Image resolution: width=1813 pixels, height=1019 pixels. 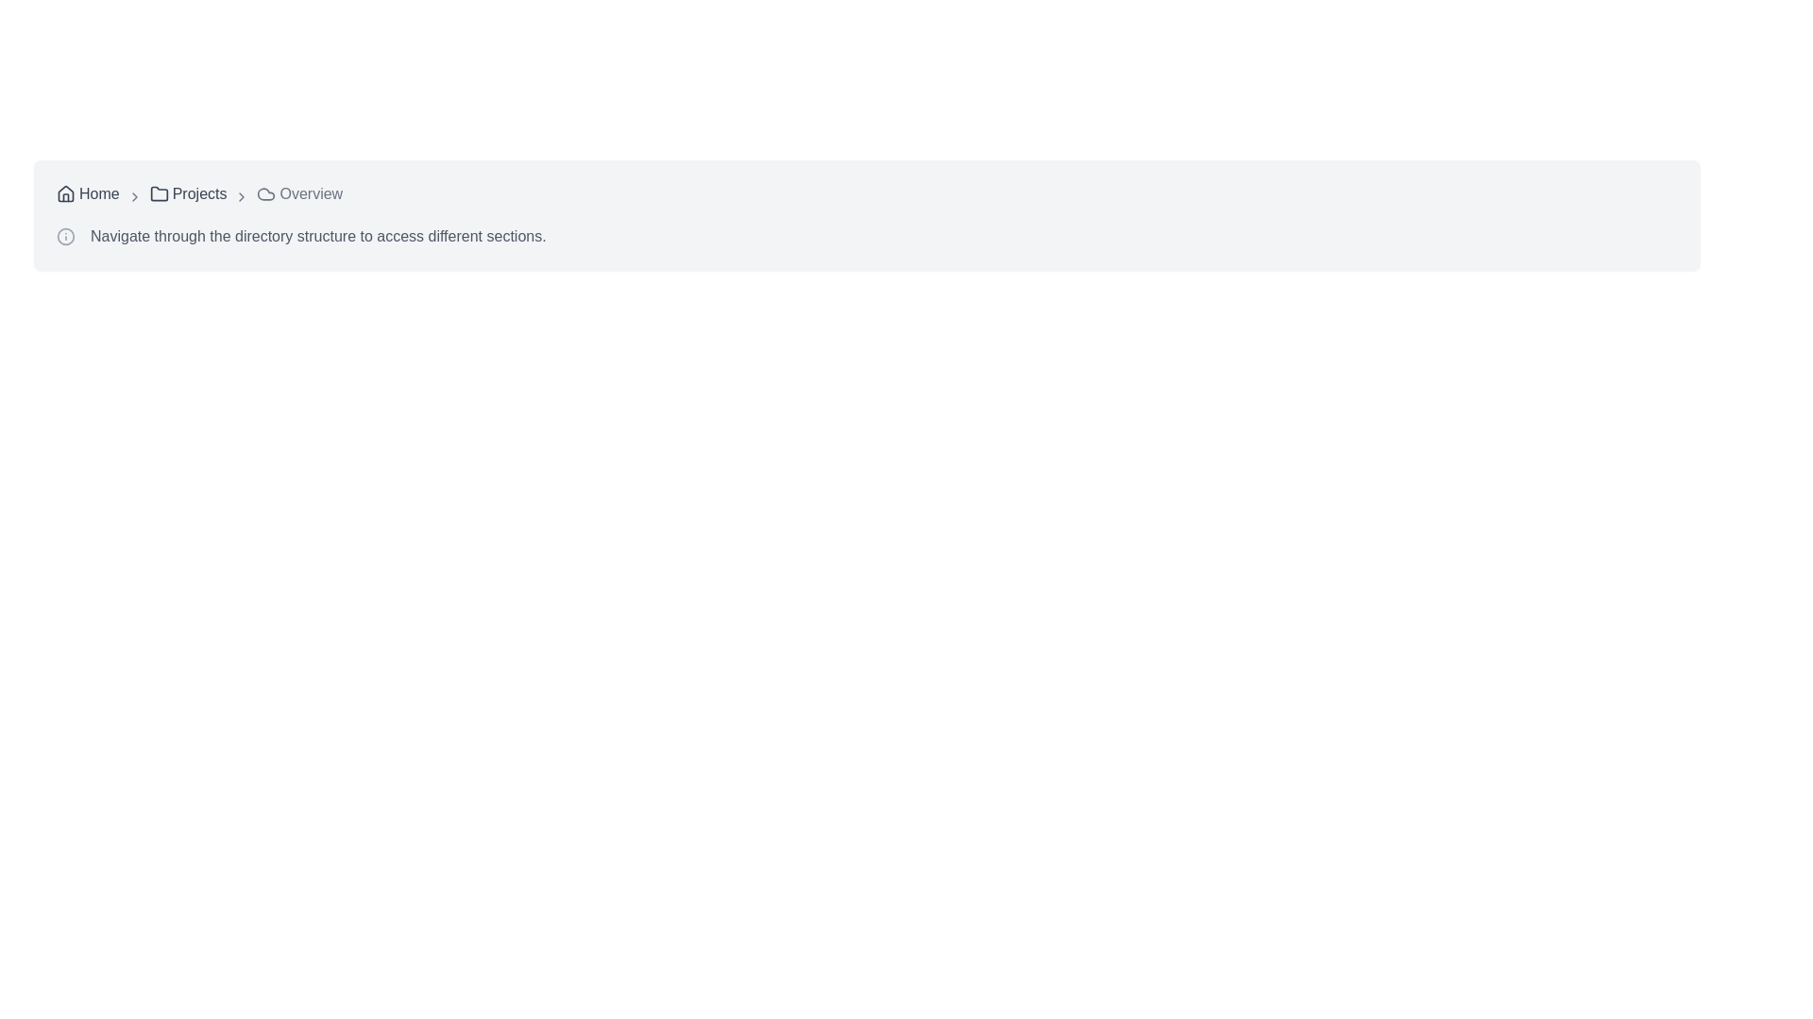 What do you see at coordinates (265, 193) in the screenshot?
I see `the cloud-shaped icon with a thin stroke located left of the 'Overview' text in the breadcrumb navigation bar` at bounding box center [265, 193].